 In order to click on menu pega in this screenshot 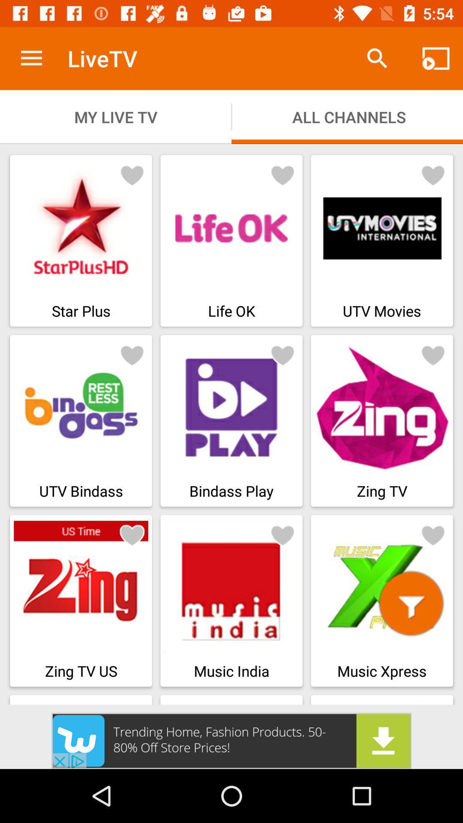, I will do `click(132, 355)`.